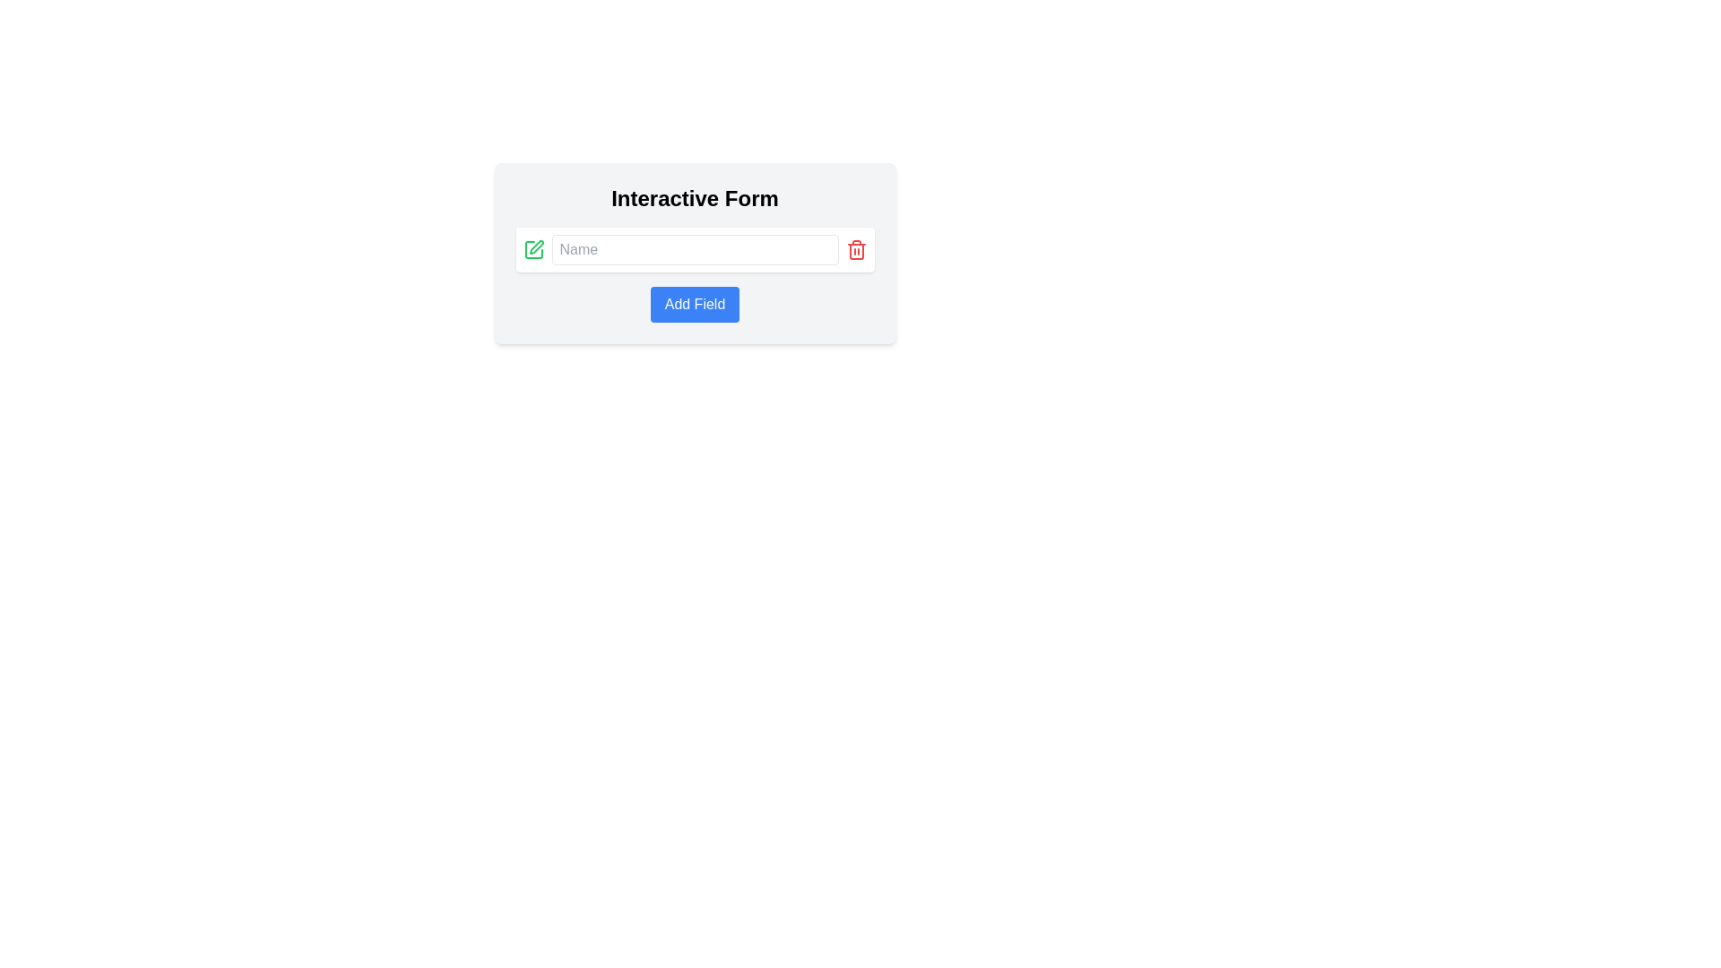  I want to click on the trash icon button, which is a red outlined trash bin with a thin black stroke, positioned to the right of a text input field, so click(855, 249).